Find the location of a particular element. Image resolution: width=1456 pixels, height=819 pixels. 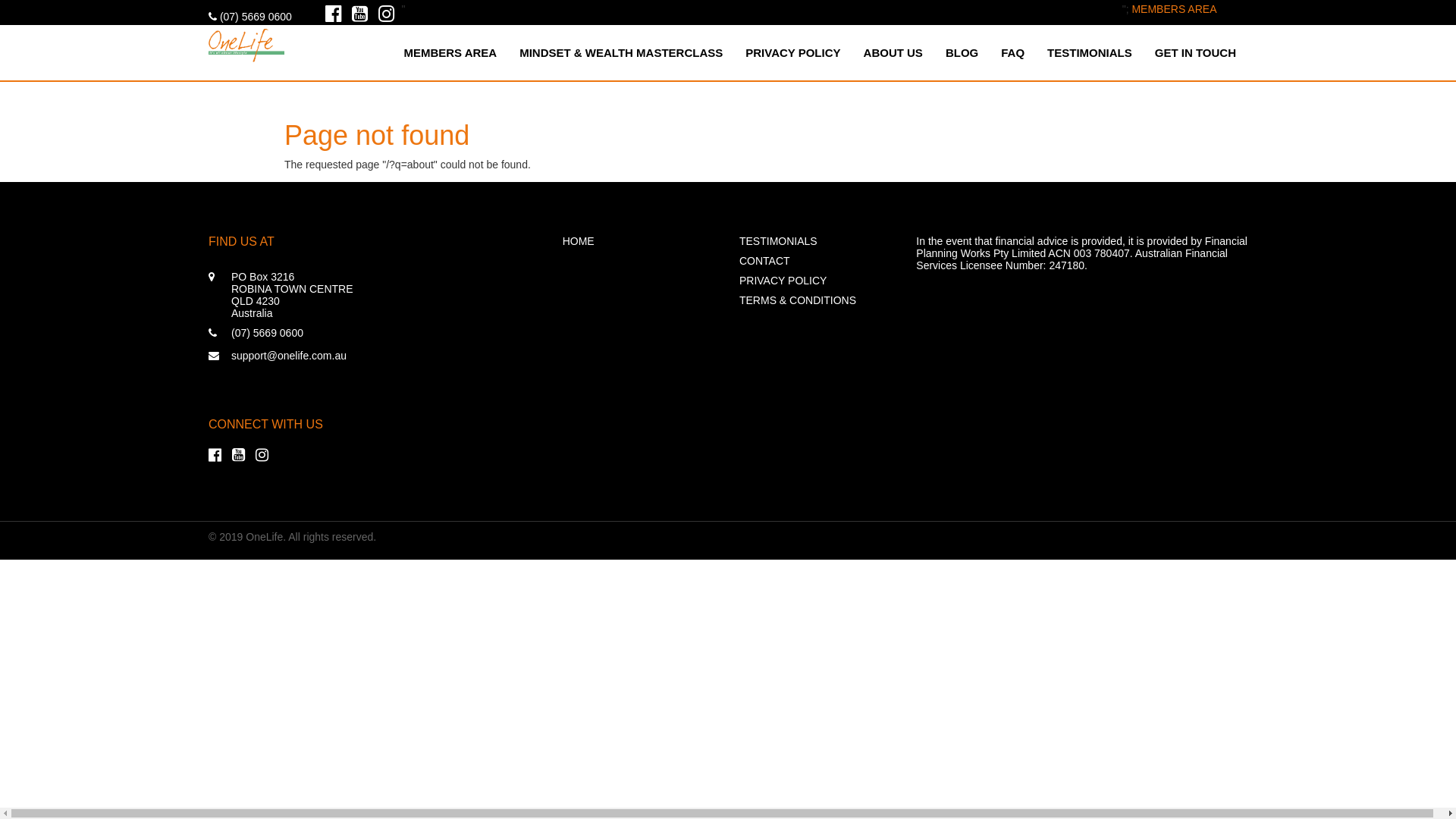

'CONTACT' is located at coordinates (815, 259).